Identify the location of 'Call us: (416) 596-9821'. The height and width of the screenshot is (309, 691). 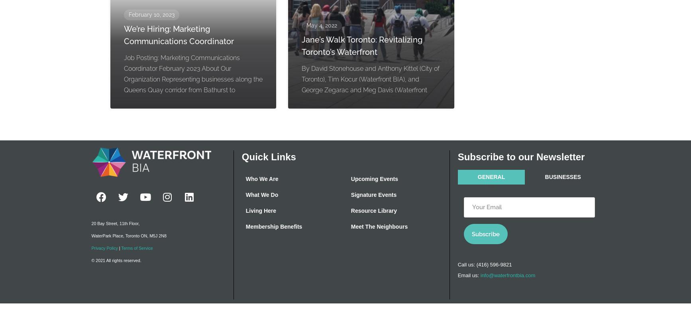
(457, 264).